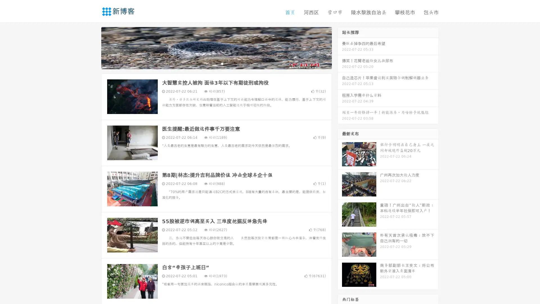 The height and width of the screenshot is (304, 540). I want to click on Go to slide 2, so click(216, 63).